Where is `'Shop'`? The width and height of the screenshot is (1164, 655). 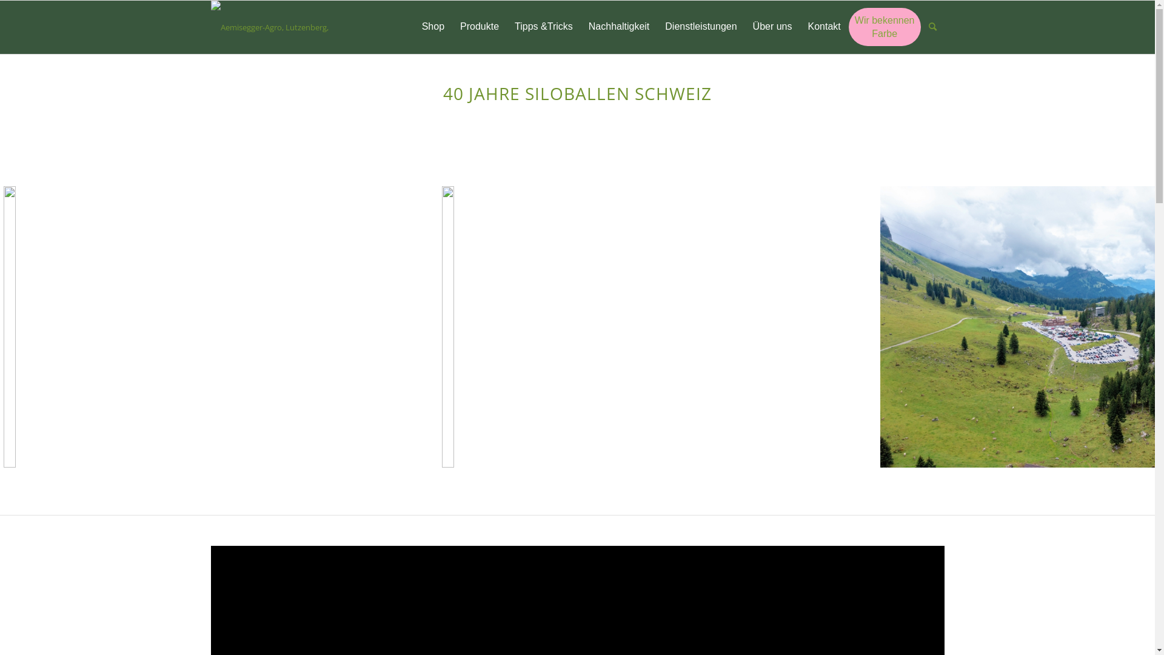 'Shop' is located at coordinates (433, 27).